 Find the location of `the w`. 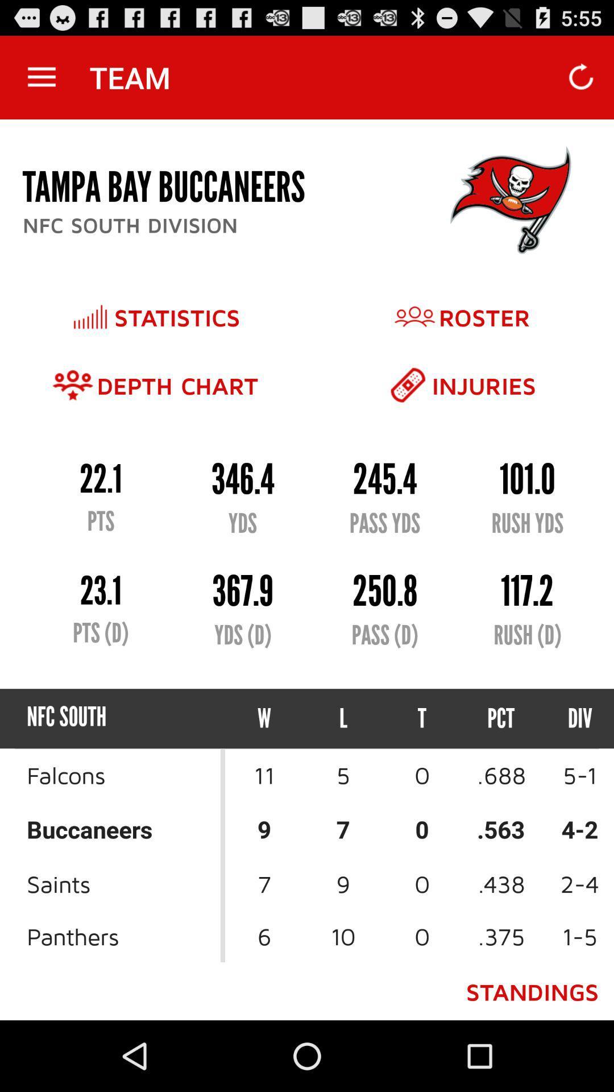

the w is located at coordinates (264, 718).